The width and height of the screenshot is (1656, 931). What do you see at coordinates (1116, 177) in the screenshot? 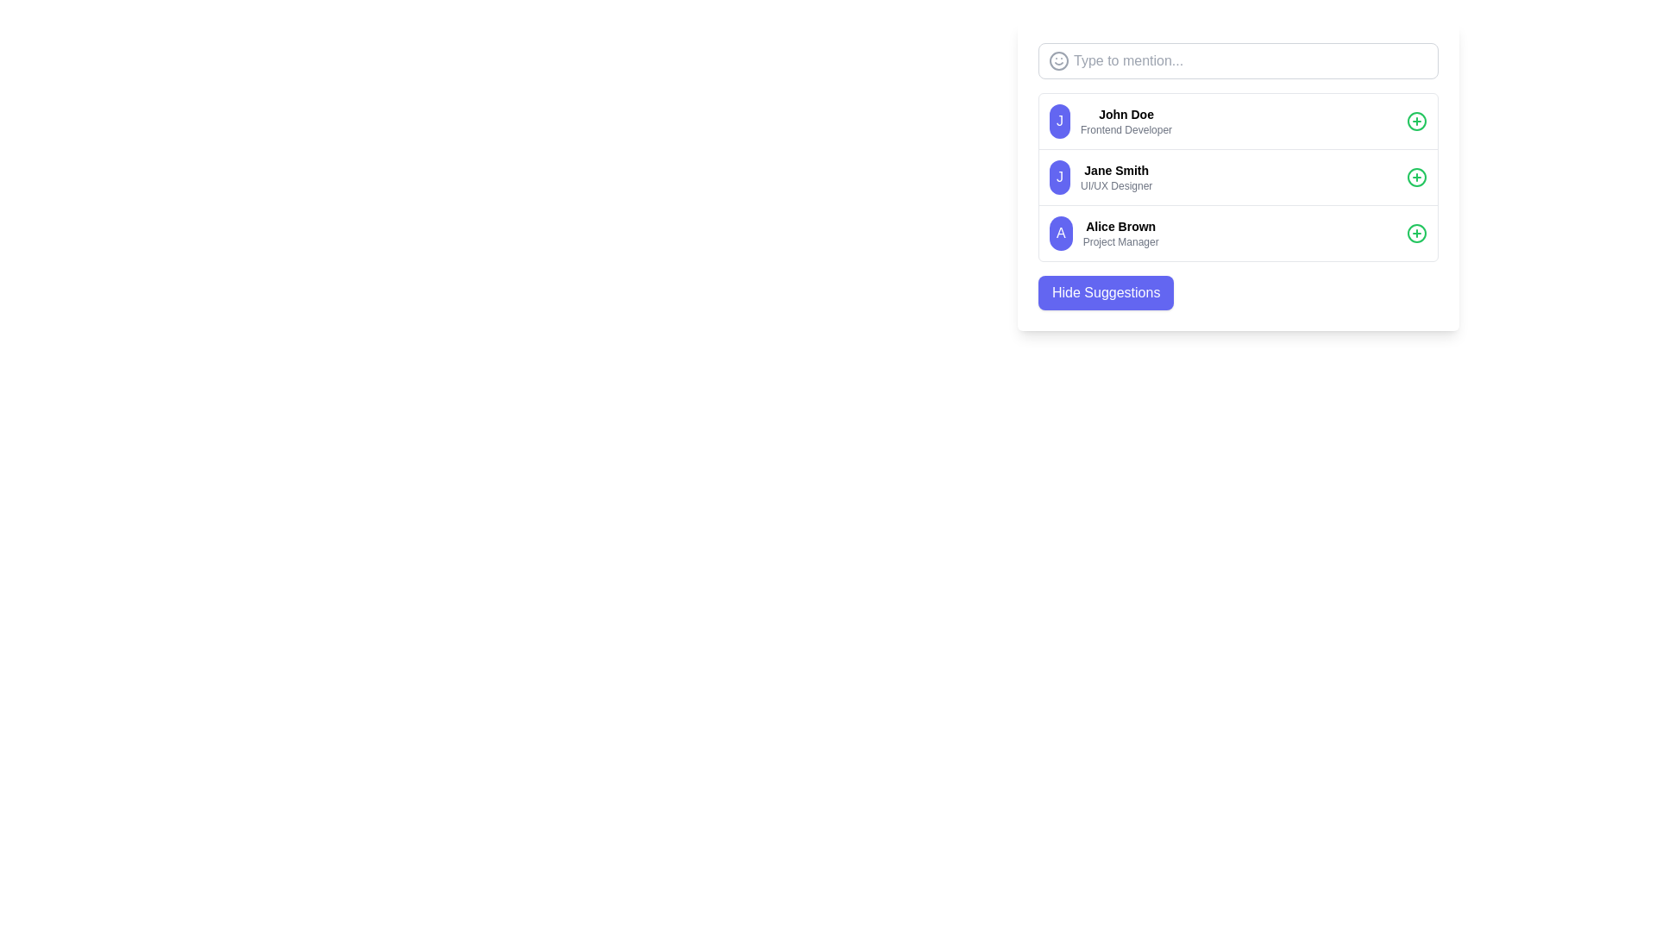
I see `the text element displaying the name and role of a UI/UX designer located in the second row of a dropdown list` at bounding box center [1116, 177].